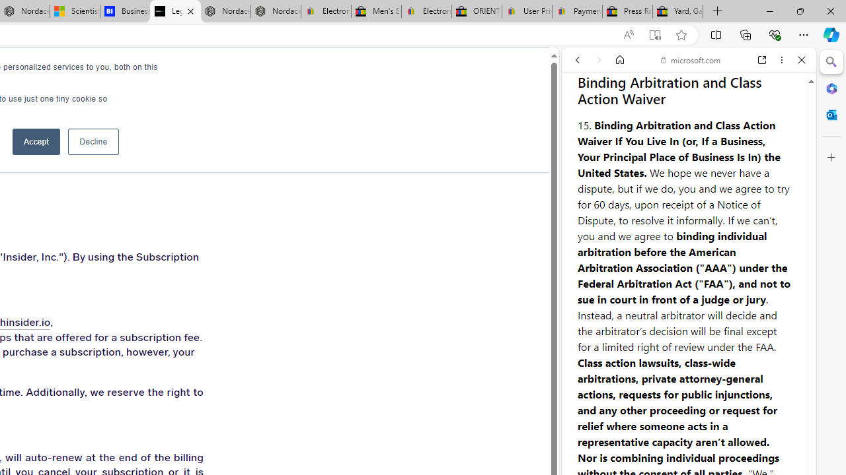 The image size is (846, 475). Describe the element at coordinates (618, 119) in the screenshot. I see `'This site scope'` at that location.